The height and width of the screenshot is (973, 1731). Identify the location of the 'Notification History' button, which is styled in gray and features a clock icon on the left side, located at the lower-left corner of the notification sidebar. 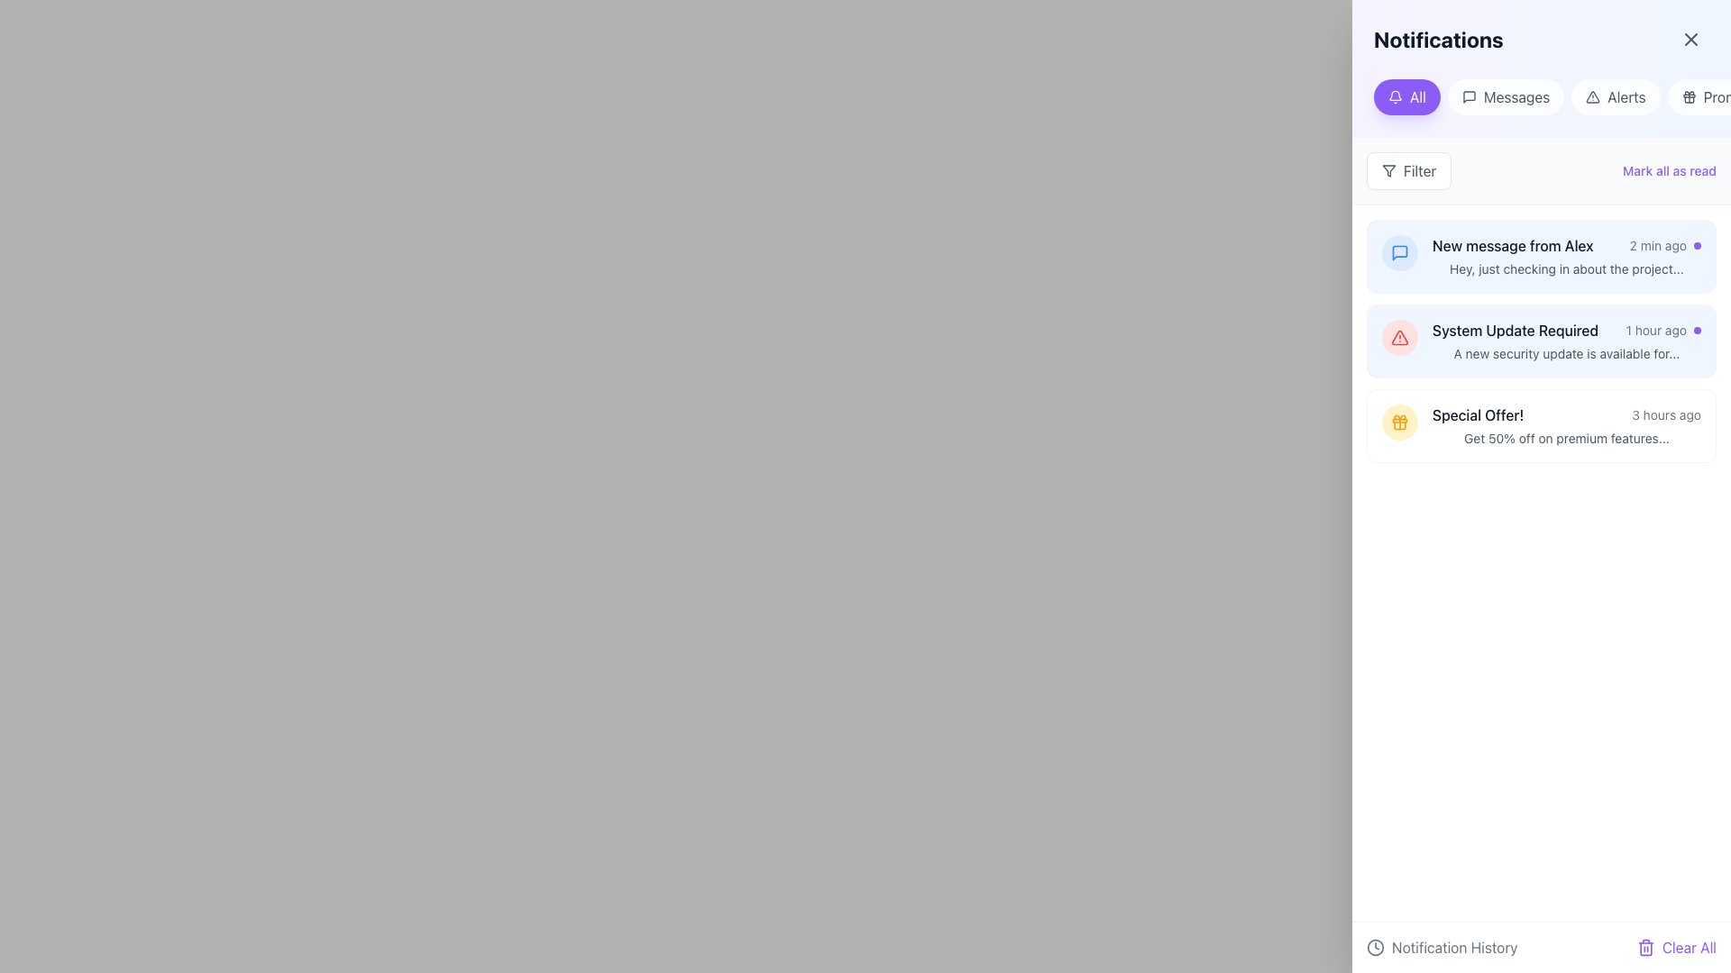
(1441, 947).